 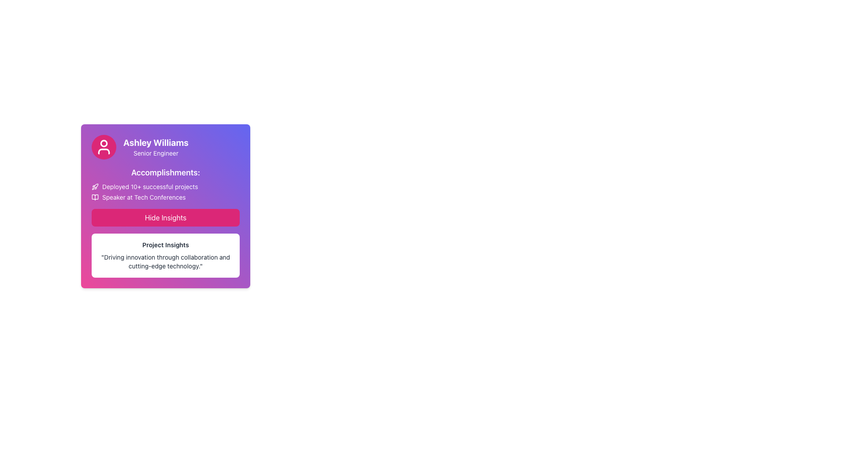 I want to click on text content of the Text Display element that shows 'Ashley Williams' and 'Senior Engineer', which is centrally aligned and positioned above the 'Accomplishments' section, so click(x=156, y=147).